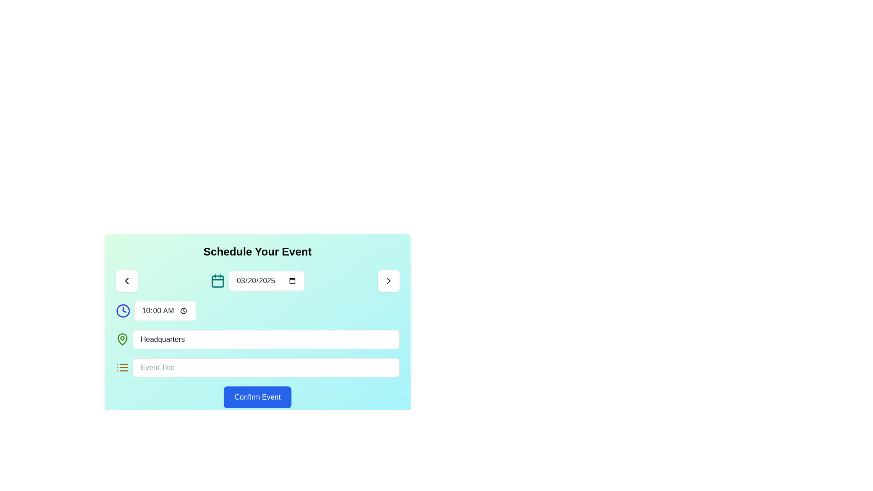 The width and height of the screenshot is (873, 491). I want to click on the black leftward chevron icon inside the white rounded button, so click(126, 280).